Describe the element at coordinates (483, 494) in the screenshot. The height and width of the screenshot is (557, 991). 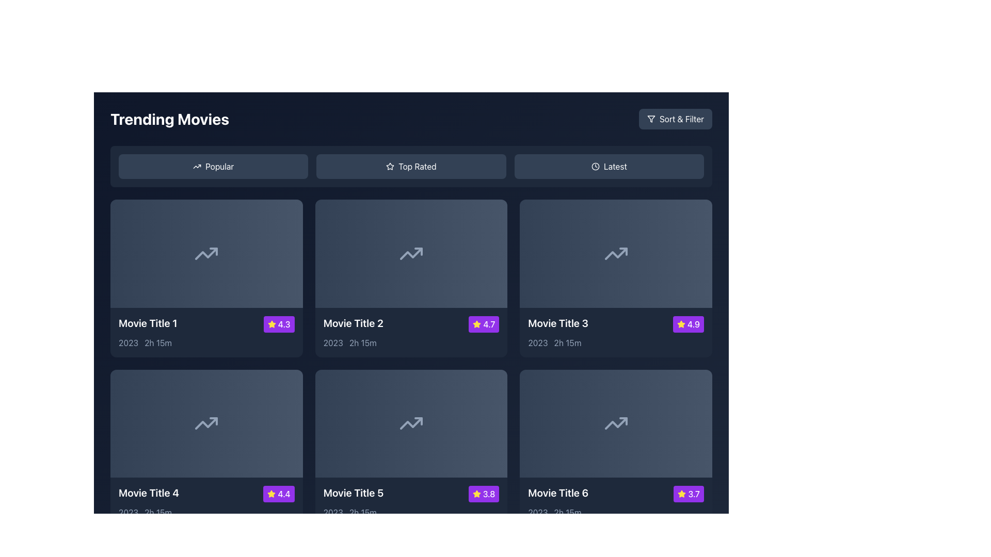
I see `the rating display element, which is a purple rectangular badge containing a yellow star icon and the numerical value '3.8' in white color, located in the bottom-right corner of the card labeled 'Movie Title 5'` at that location.